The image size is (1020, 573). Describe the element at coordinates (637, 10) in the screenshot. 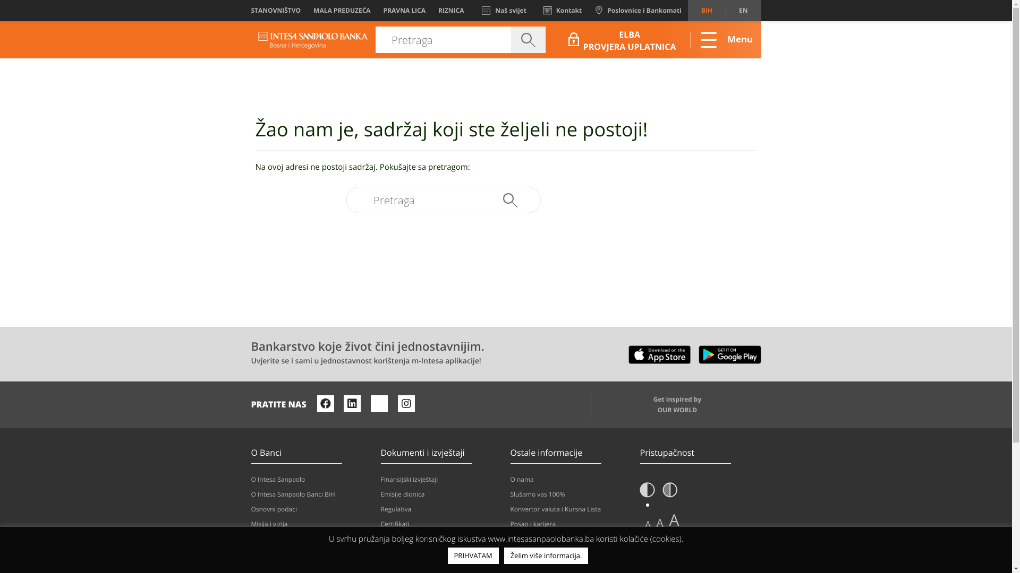

I see `'Poslovnice i Bankomati'` at that location.